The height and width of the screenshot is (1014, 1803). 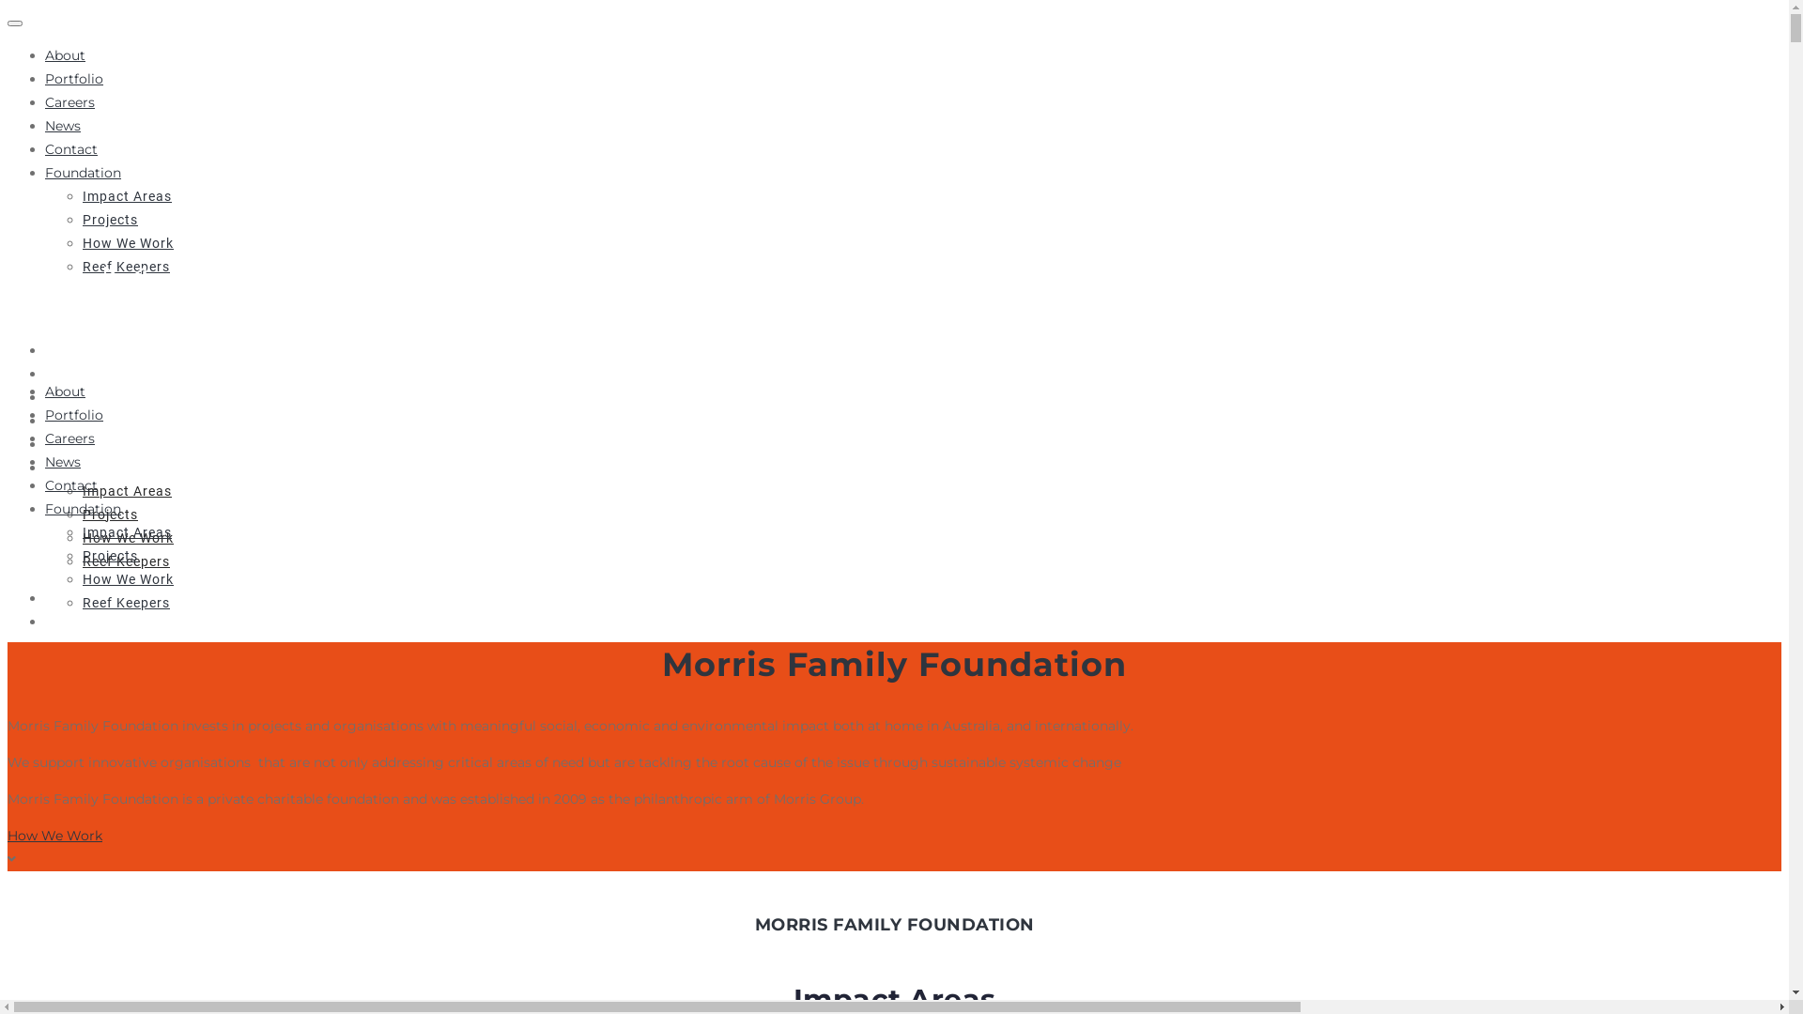 I want to click on 'News', so click(x=45, y=419).